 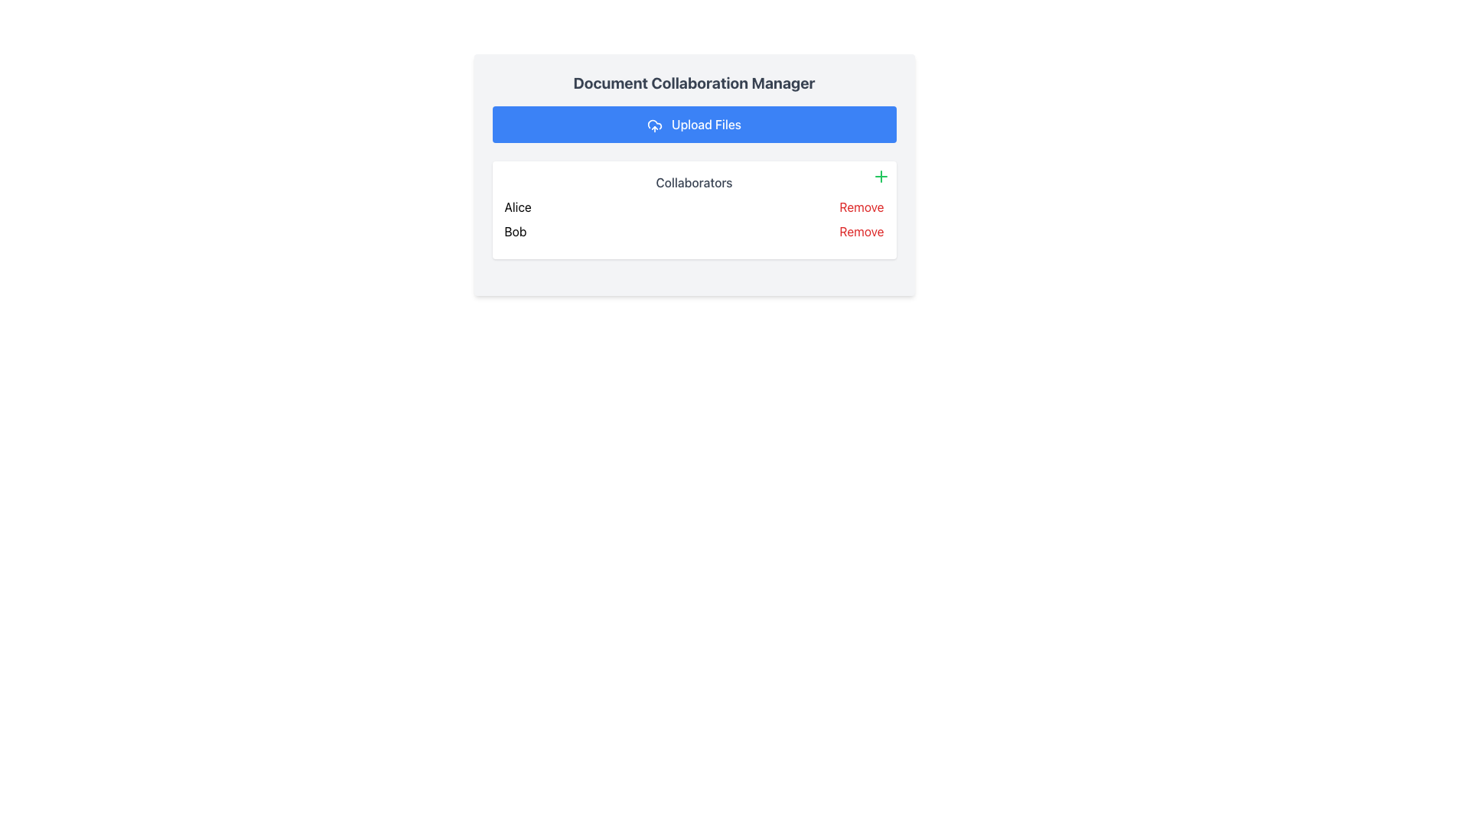 I want to click on the interactive button, so click(x=862, y=232).